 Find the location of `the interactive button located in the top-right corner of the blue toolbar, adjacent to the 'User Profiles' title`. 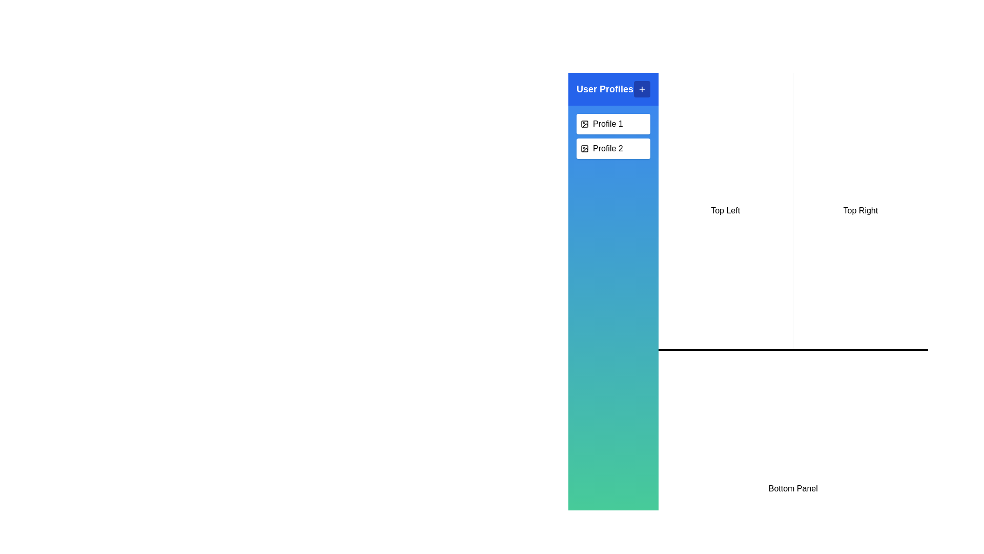

the interactive button located in the top-right corner of the blue toolbar, adjacent to the 'User Profiles' title is located at coordinates (641, 88).